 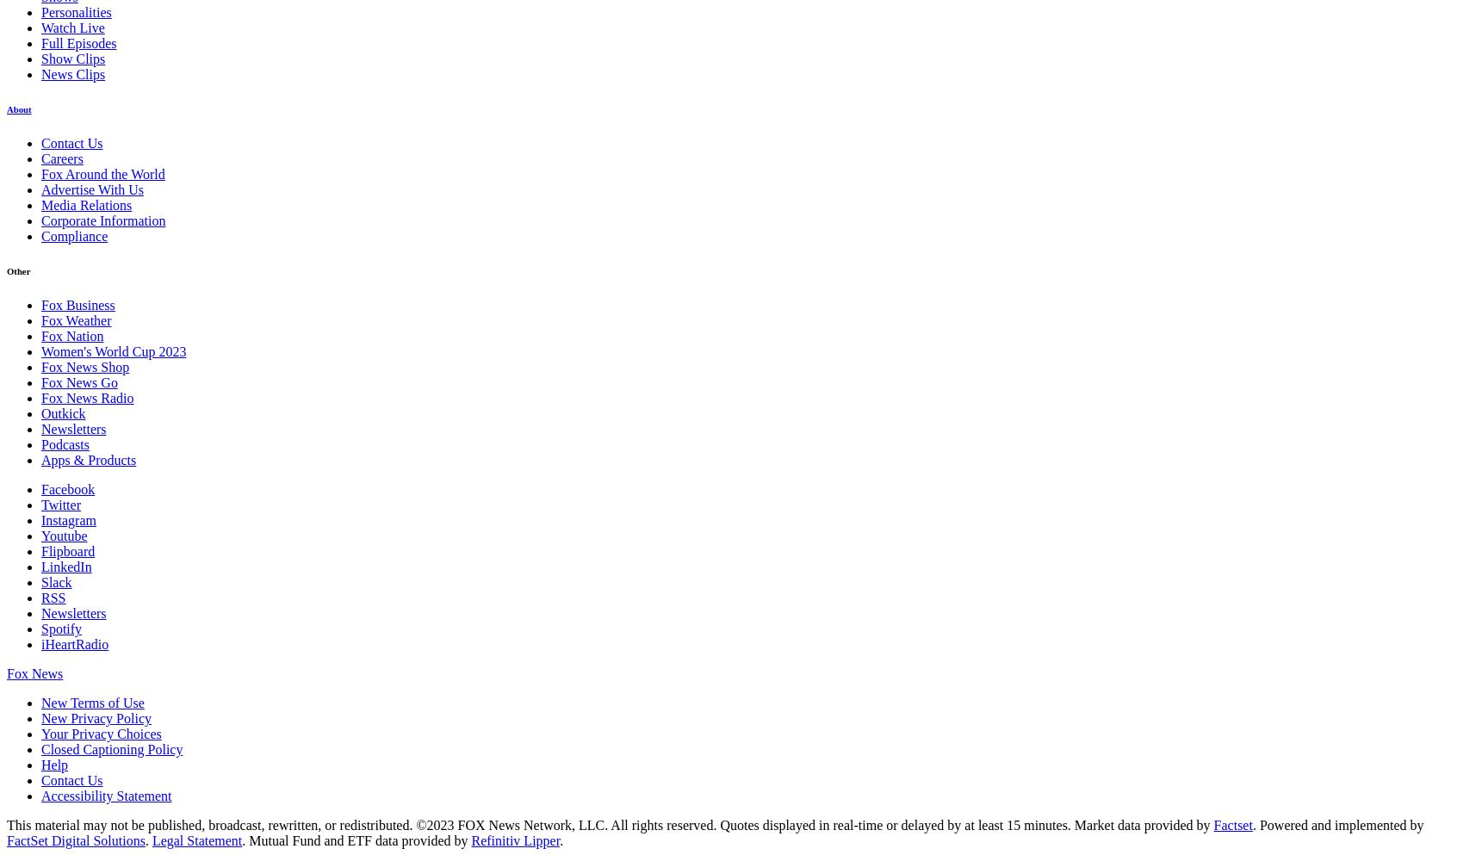 What do you see at coordinates (34, 672) in the screenshot?
I see `'Fox News'` at bounding box center [34, 672].